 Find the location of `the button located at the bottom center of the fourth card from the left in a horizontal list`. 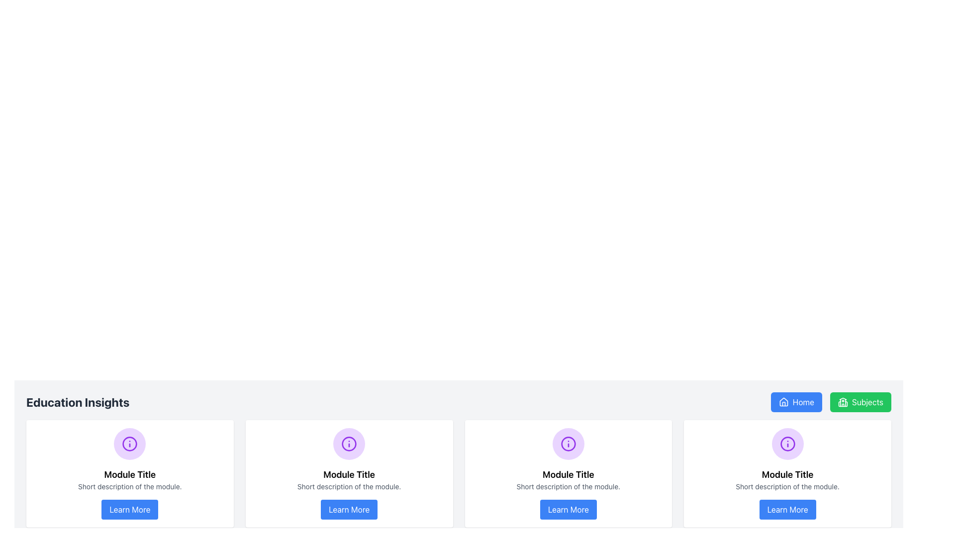

the button located at the bottom center of the fourth card from the left in a horizontal list is located at coordinates (787, 510).